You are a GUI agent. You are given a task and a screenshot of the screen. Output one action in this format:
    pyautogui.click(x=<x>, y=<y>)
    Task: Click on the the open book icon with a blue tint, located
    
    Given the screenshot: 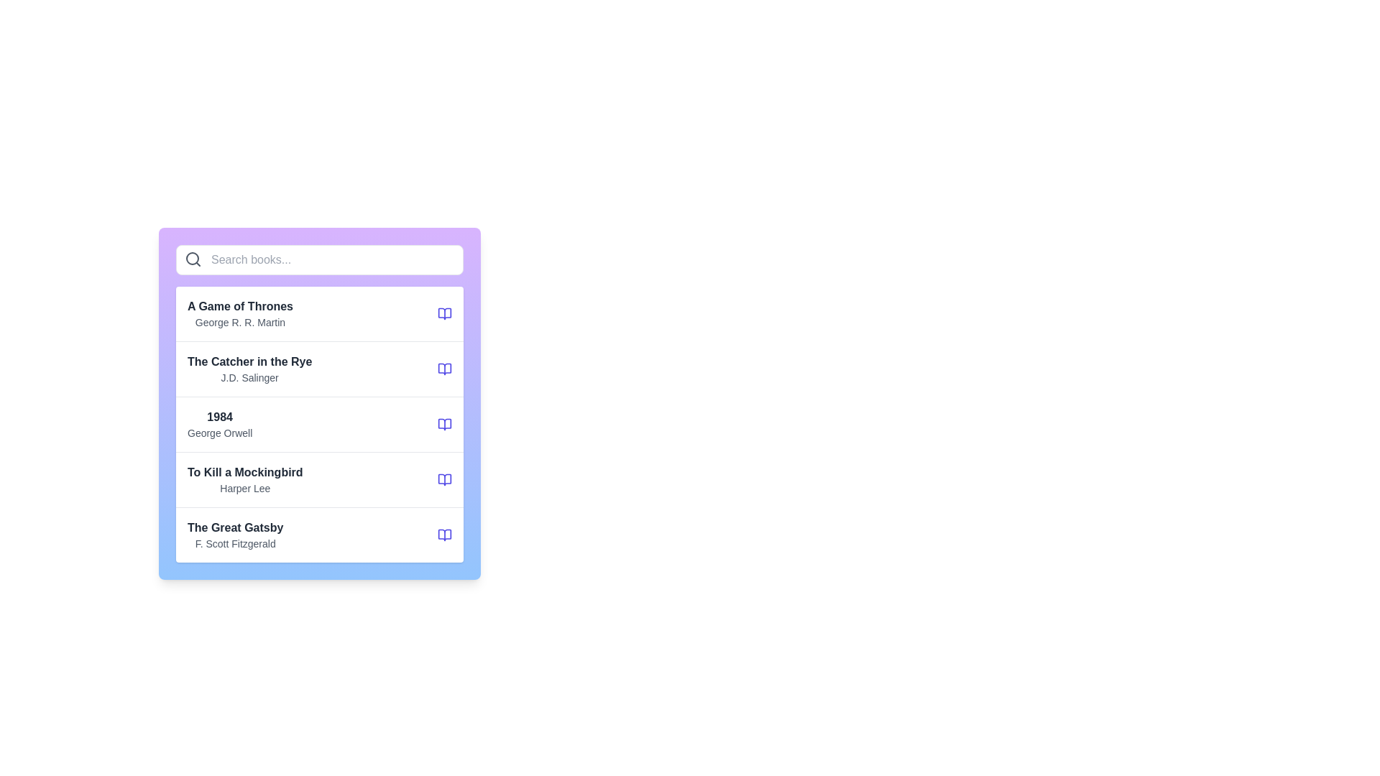 What is the action you would take?
    pyautogui.click(x=444, y=423)
    